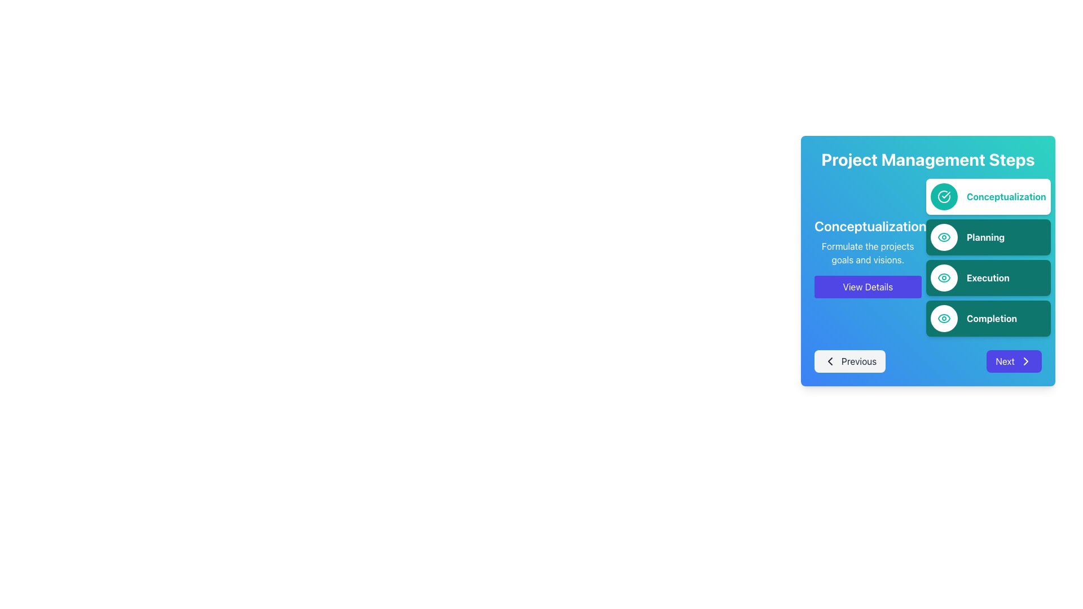  I want to click on the 'Completion' text label in the navigation options under 'Project Management Steps', so click(991, 318).